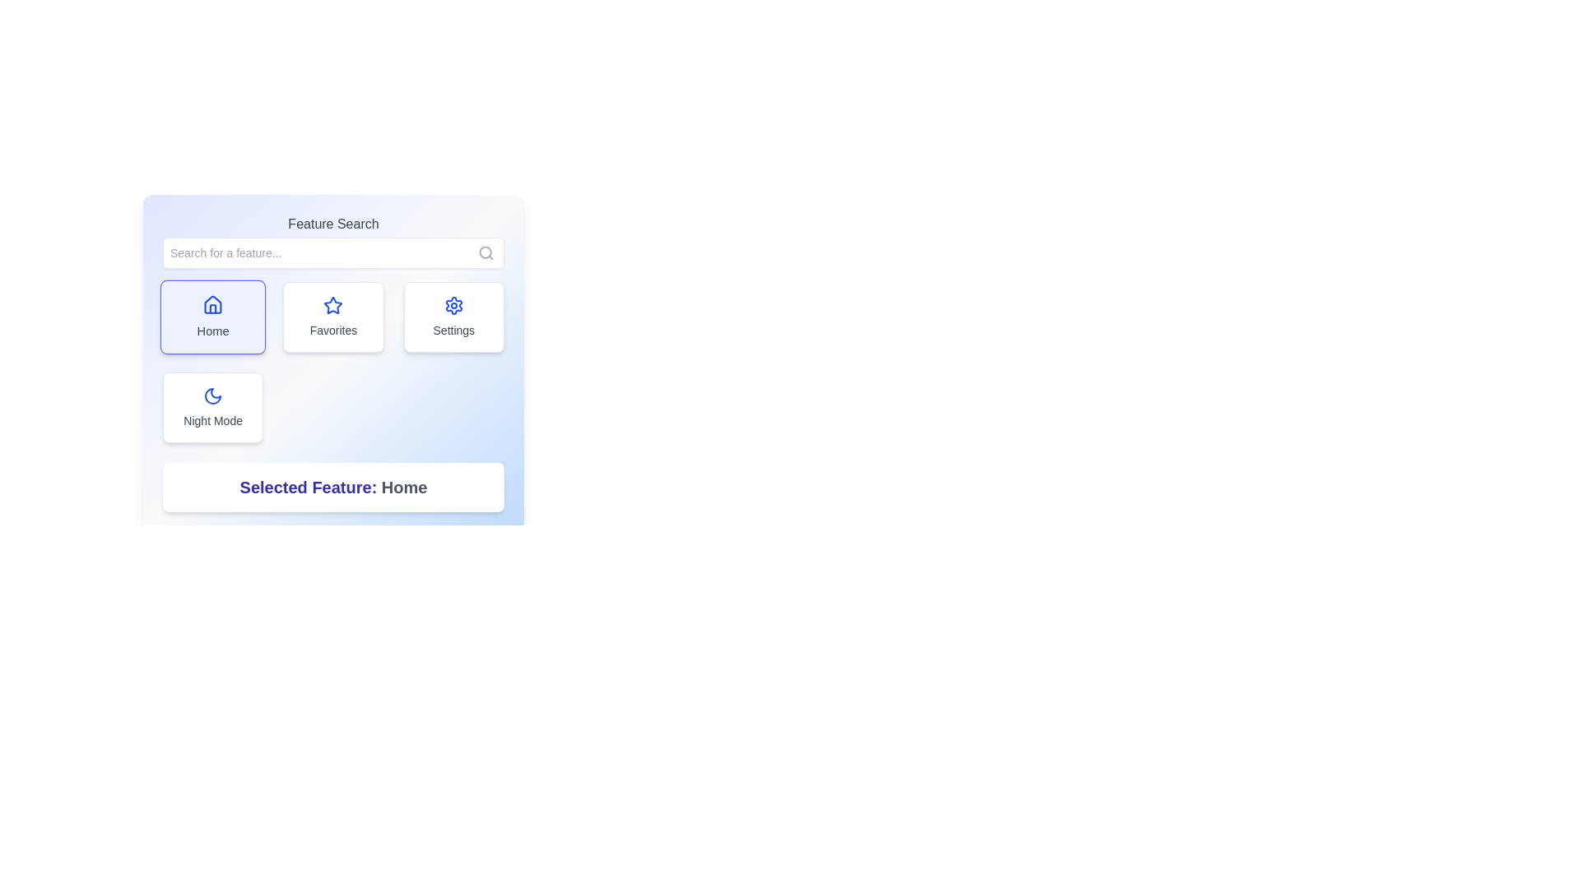 The height and width of the screenshot is (888, 1580). What do you see at coordinates (212, 407) in the screenshot?
I see `the 'Night Mode' button located in the lower-left corner of the grid layout, beneath the 'Home' option` at bounding box center [212, 407].